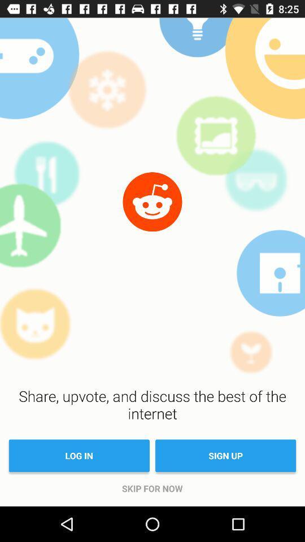  Describe the element at coordinates (225, 456) in the screenshot. I see `icon at the bottom right corner` at that location.